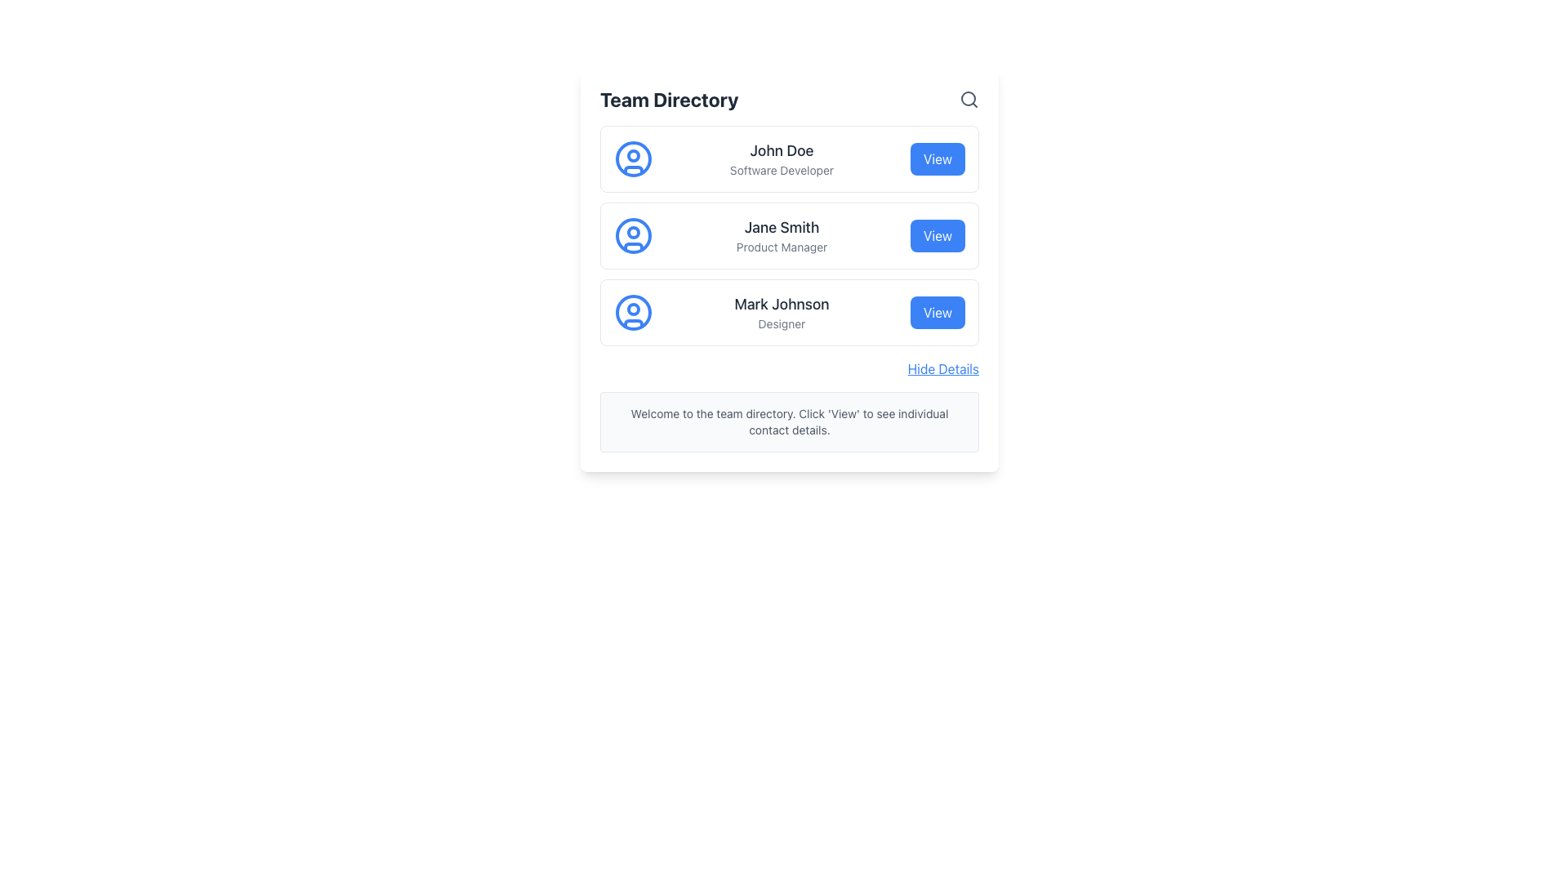 Image resolution: width=1568 pixels, height=882 pixels. What do you see at coordinates (633, 236) in the screenshot?
I see `the blue circular user profile icon located in the second row of the Team Directory, next to 'Jane Smith - Product Manager'` at bounding box center [633, 236].